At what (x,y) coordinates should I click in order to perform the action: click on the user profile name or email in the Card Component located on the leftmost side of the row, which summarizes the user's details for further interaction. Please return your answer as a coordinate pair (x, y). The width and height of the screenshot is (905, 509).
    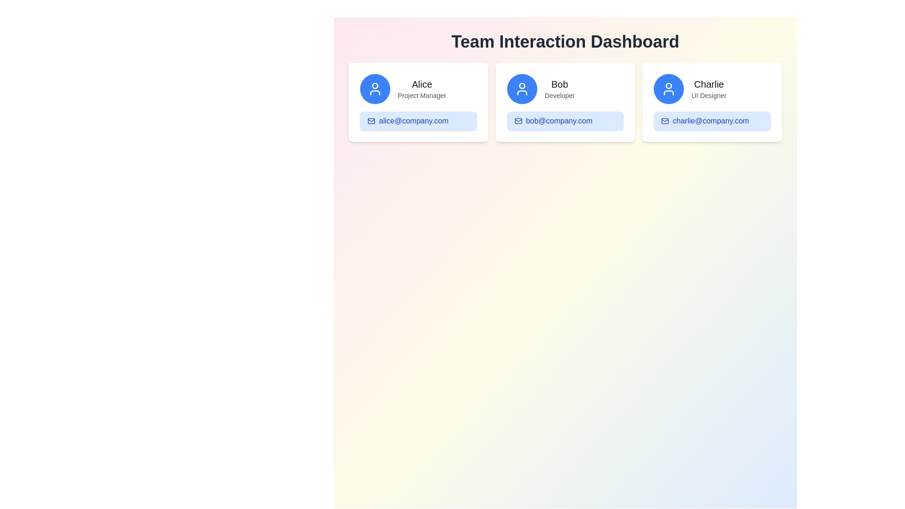
    Looking at the image, I should click on (418, 102).